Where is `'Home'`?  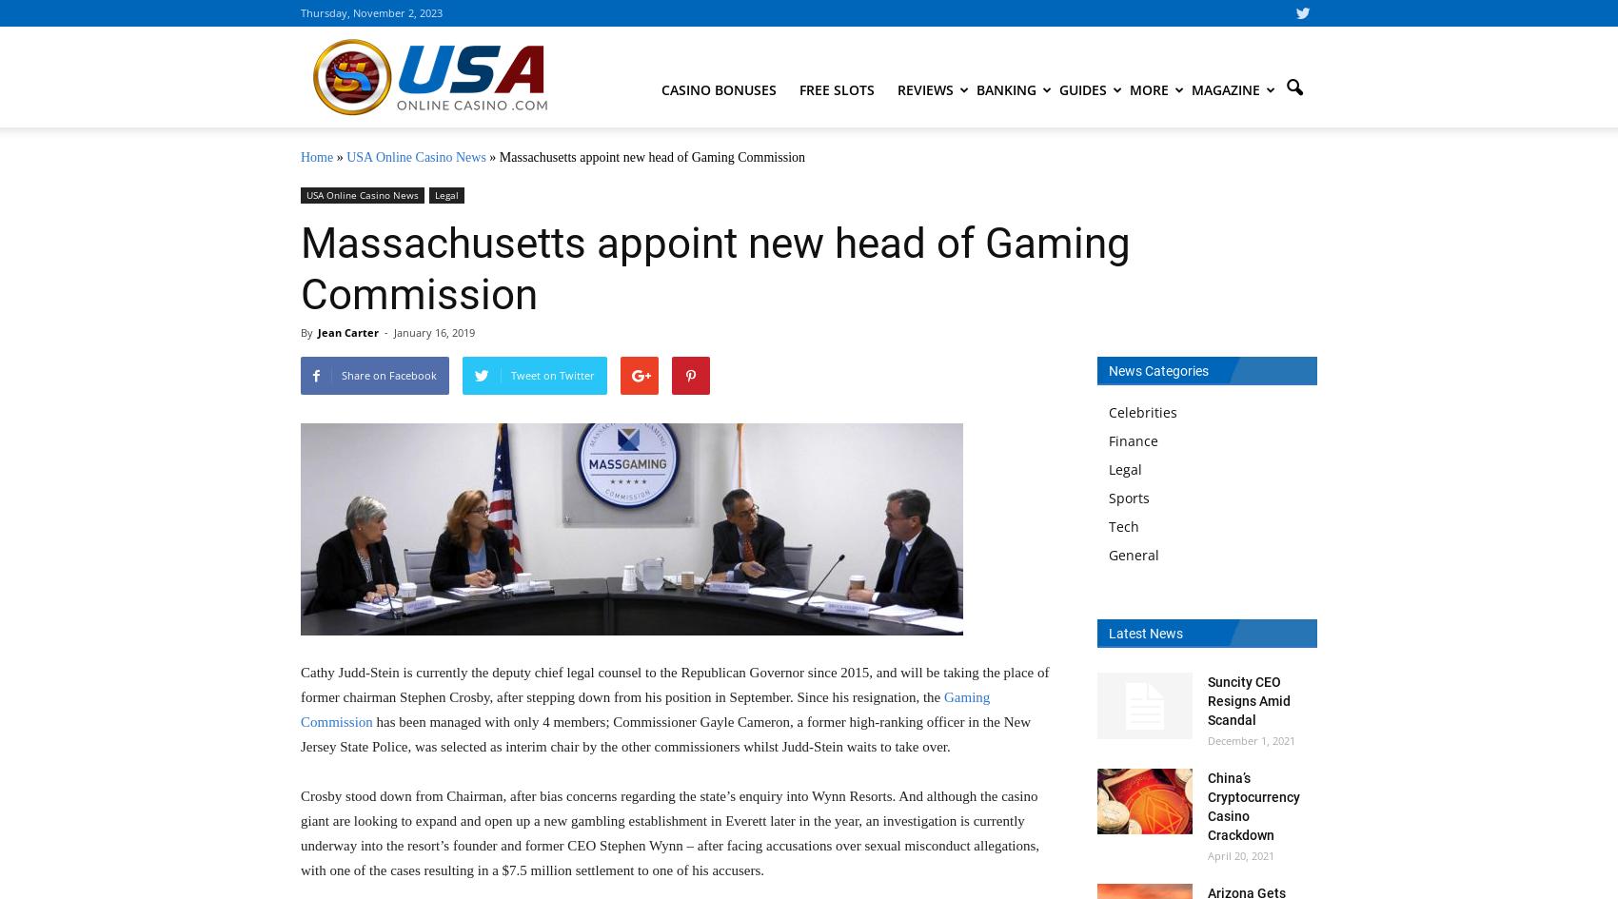
'Home' is located at coordinates (316, 157).